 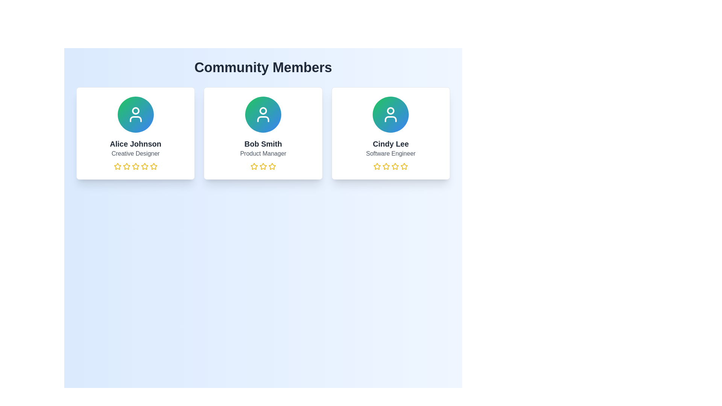 What do you see at coordinates (386, 166) in the screenshot?
I see `the third yellow star icon in the rating system under the profile of 'Cindy Lee' on the 'Community Members' interface to rate it` at bounding box center [386, 166].